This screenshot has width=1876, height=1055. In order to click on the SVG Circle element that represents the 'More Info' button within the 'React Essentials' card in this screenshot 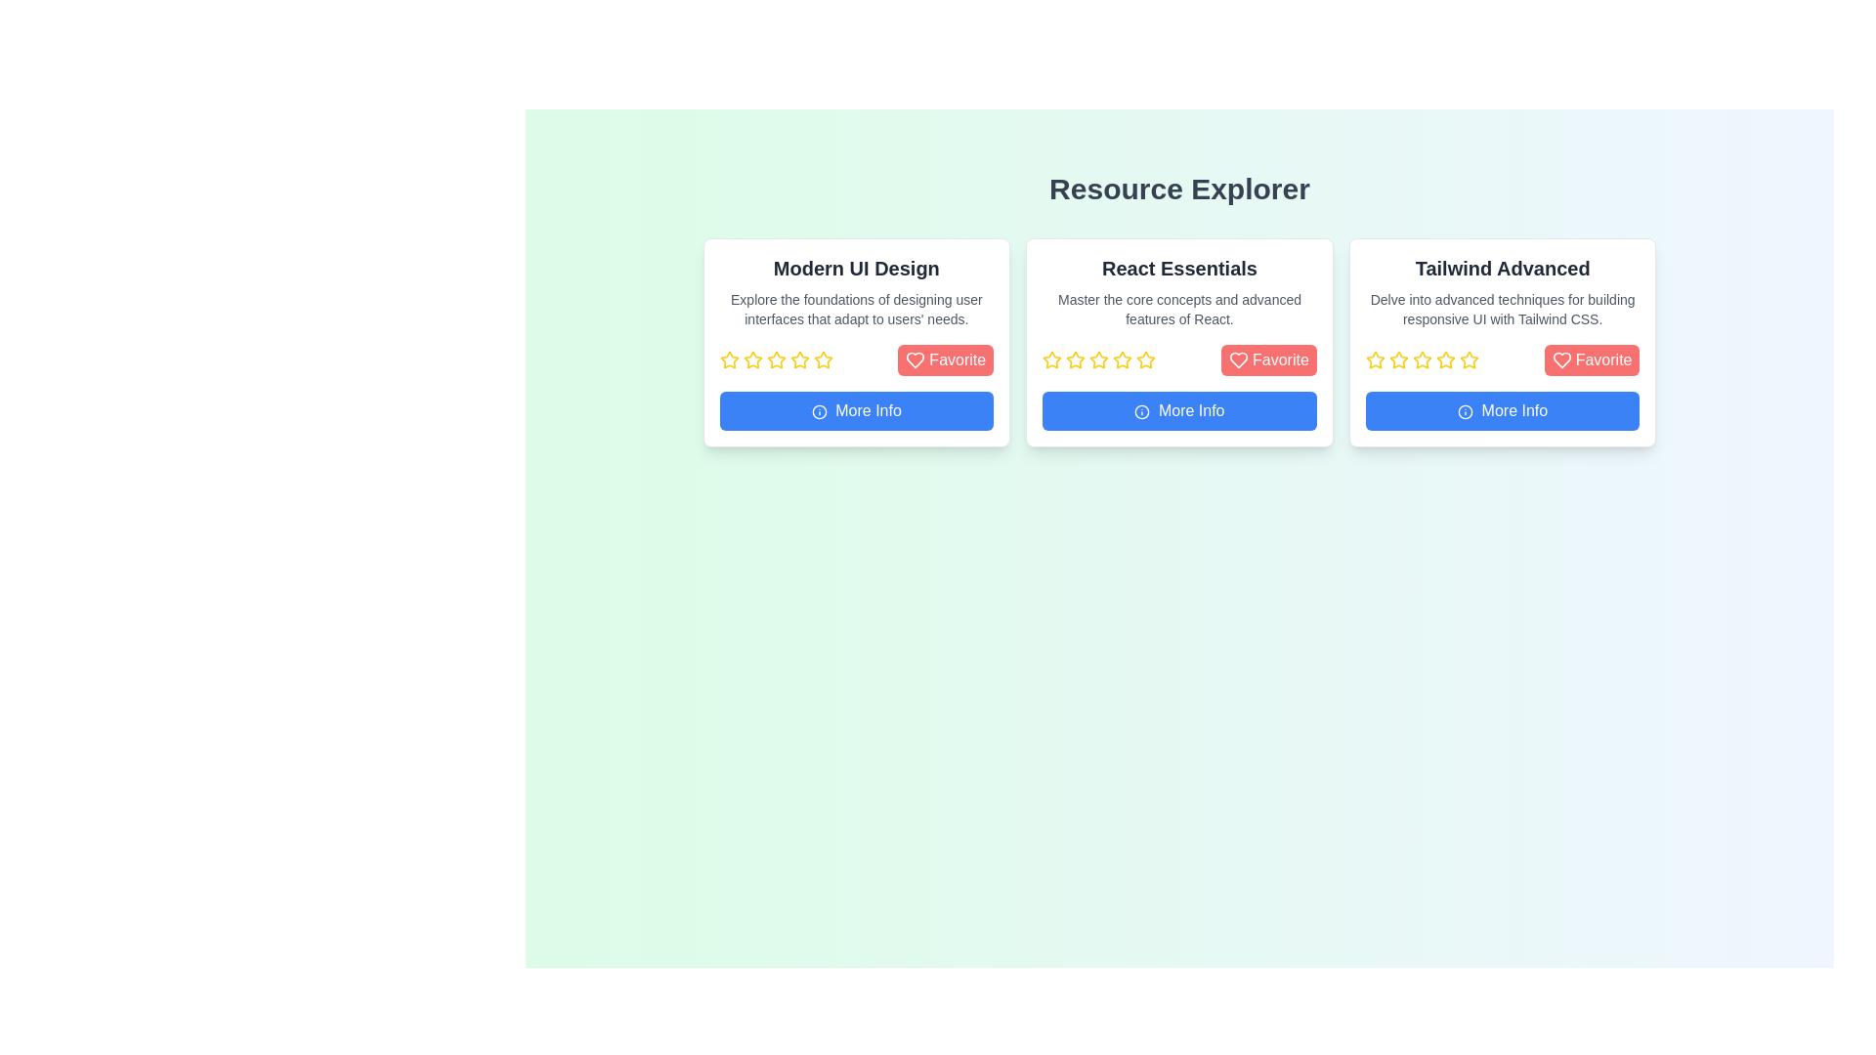, I will do `click(1142, 410)`.